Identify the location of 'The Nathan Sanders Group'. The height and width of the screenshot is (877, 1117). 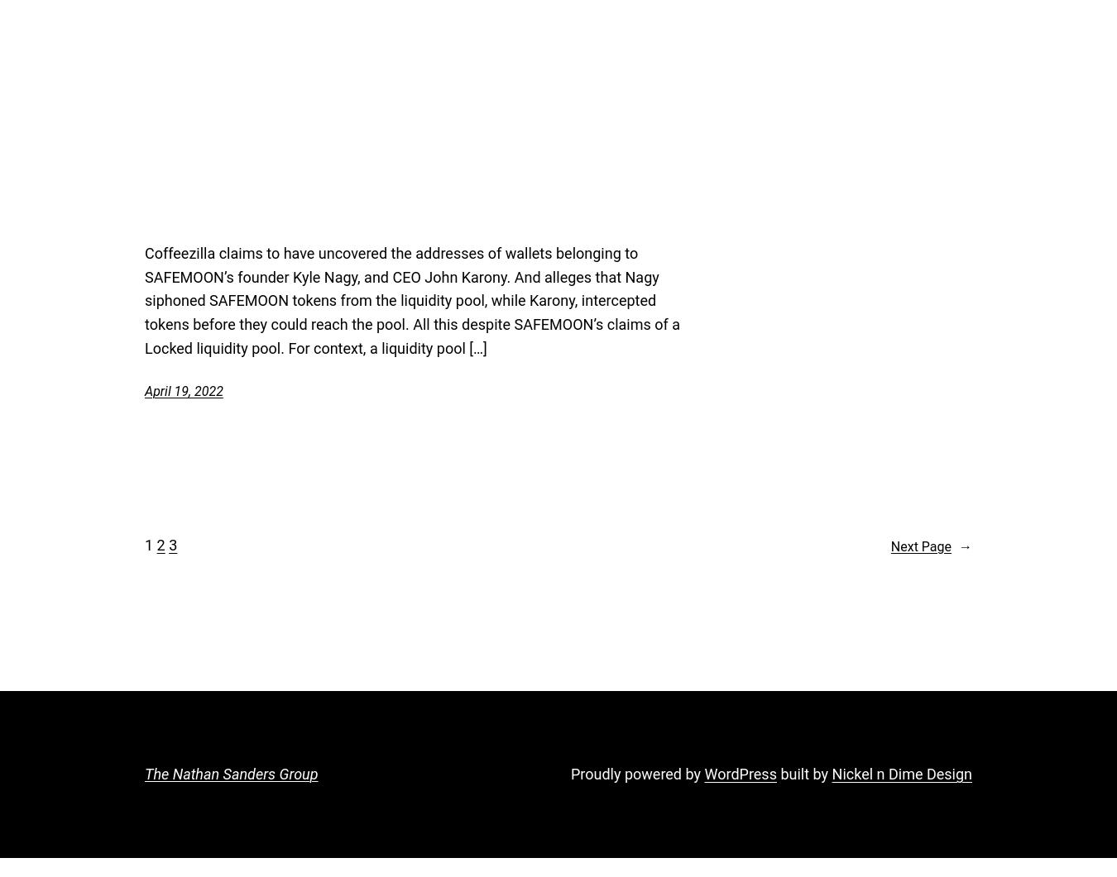
(230, 772).